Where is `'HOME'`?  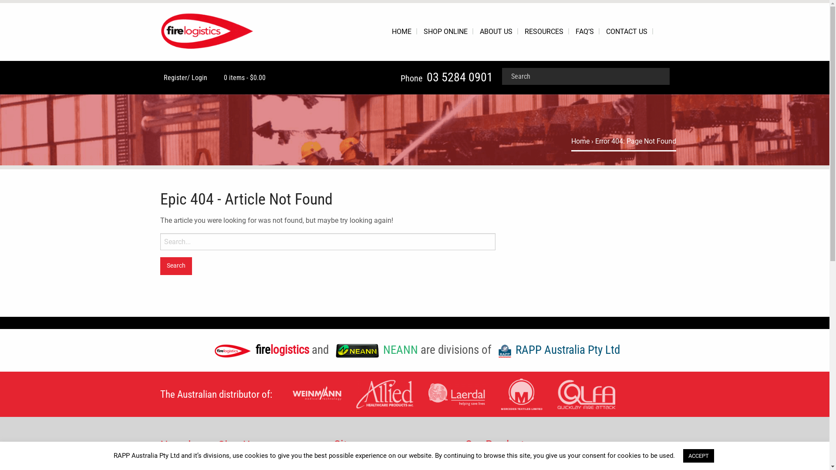 'HOME' is located at coordinates (401, 31).